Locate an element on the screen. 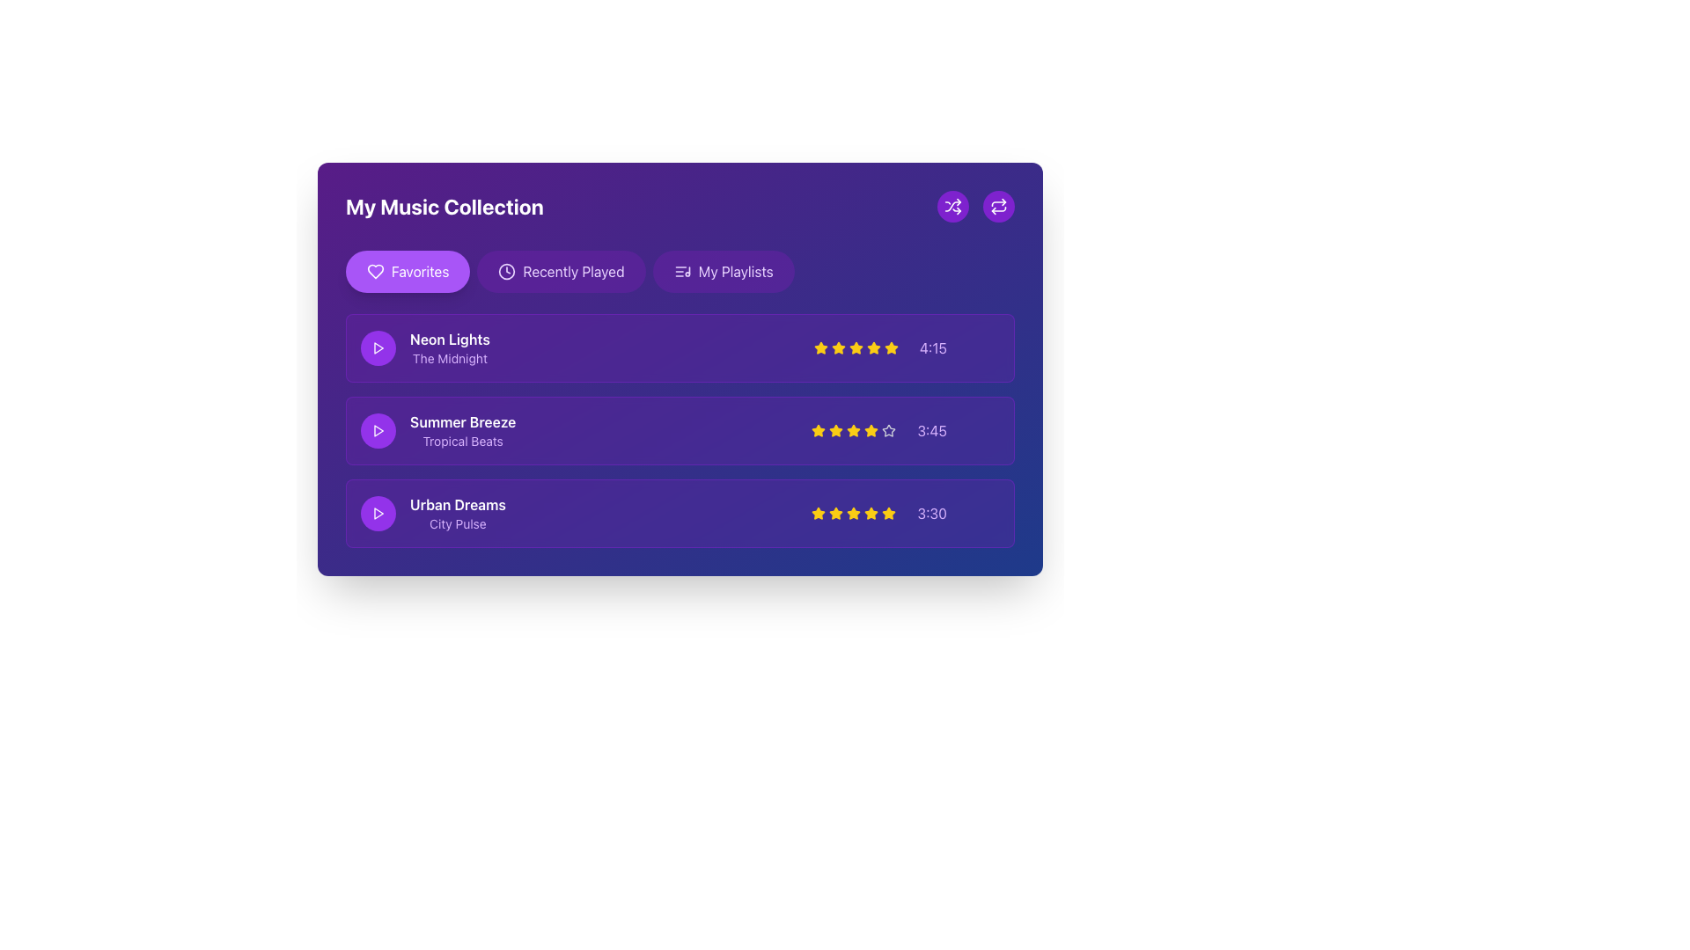 Image resolution: width=1690 pixels, height=950 pixels. the yellow star icon in the third row of the ratings section for the song 'Urban Dreams' is located at coordinates (818, 513).